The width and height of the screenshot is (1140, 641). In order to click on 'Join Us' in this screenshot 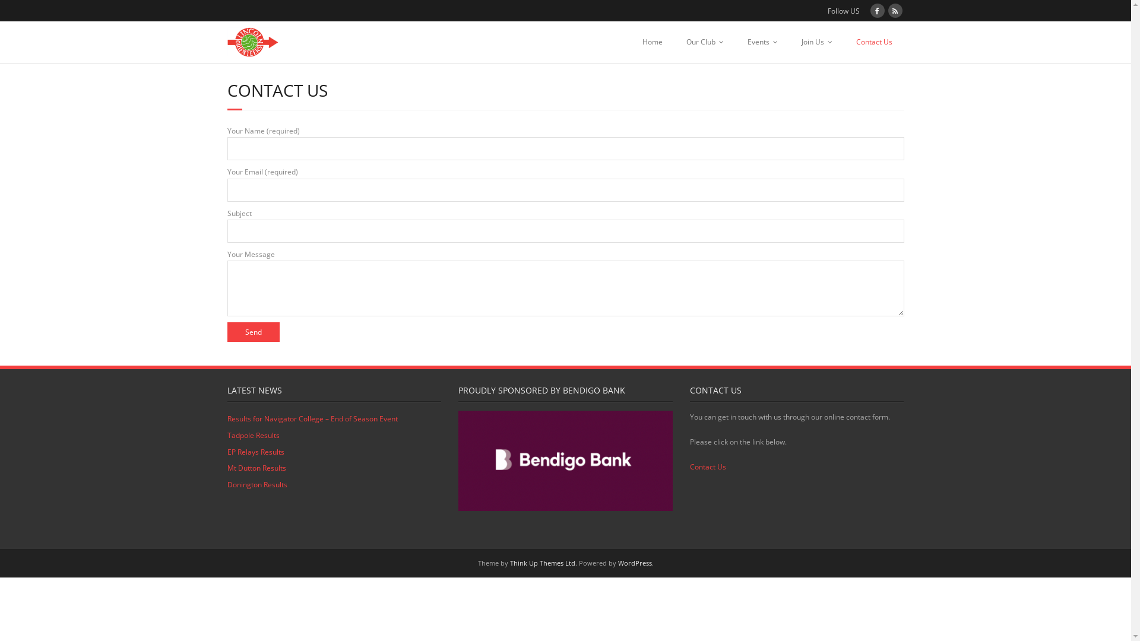, I will do `click(816, 41)`.